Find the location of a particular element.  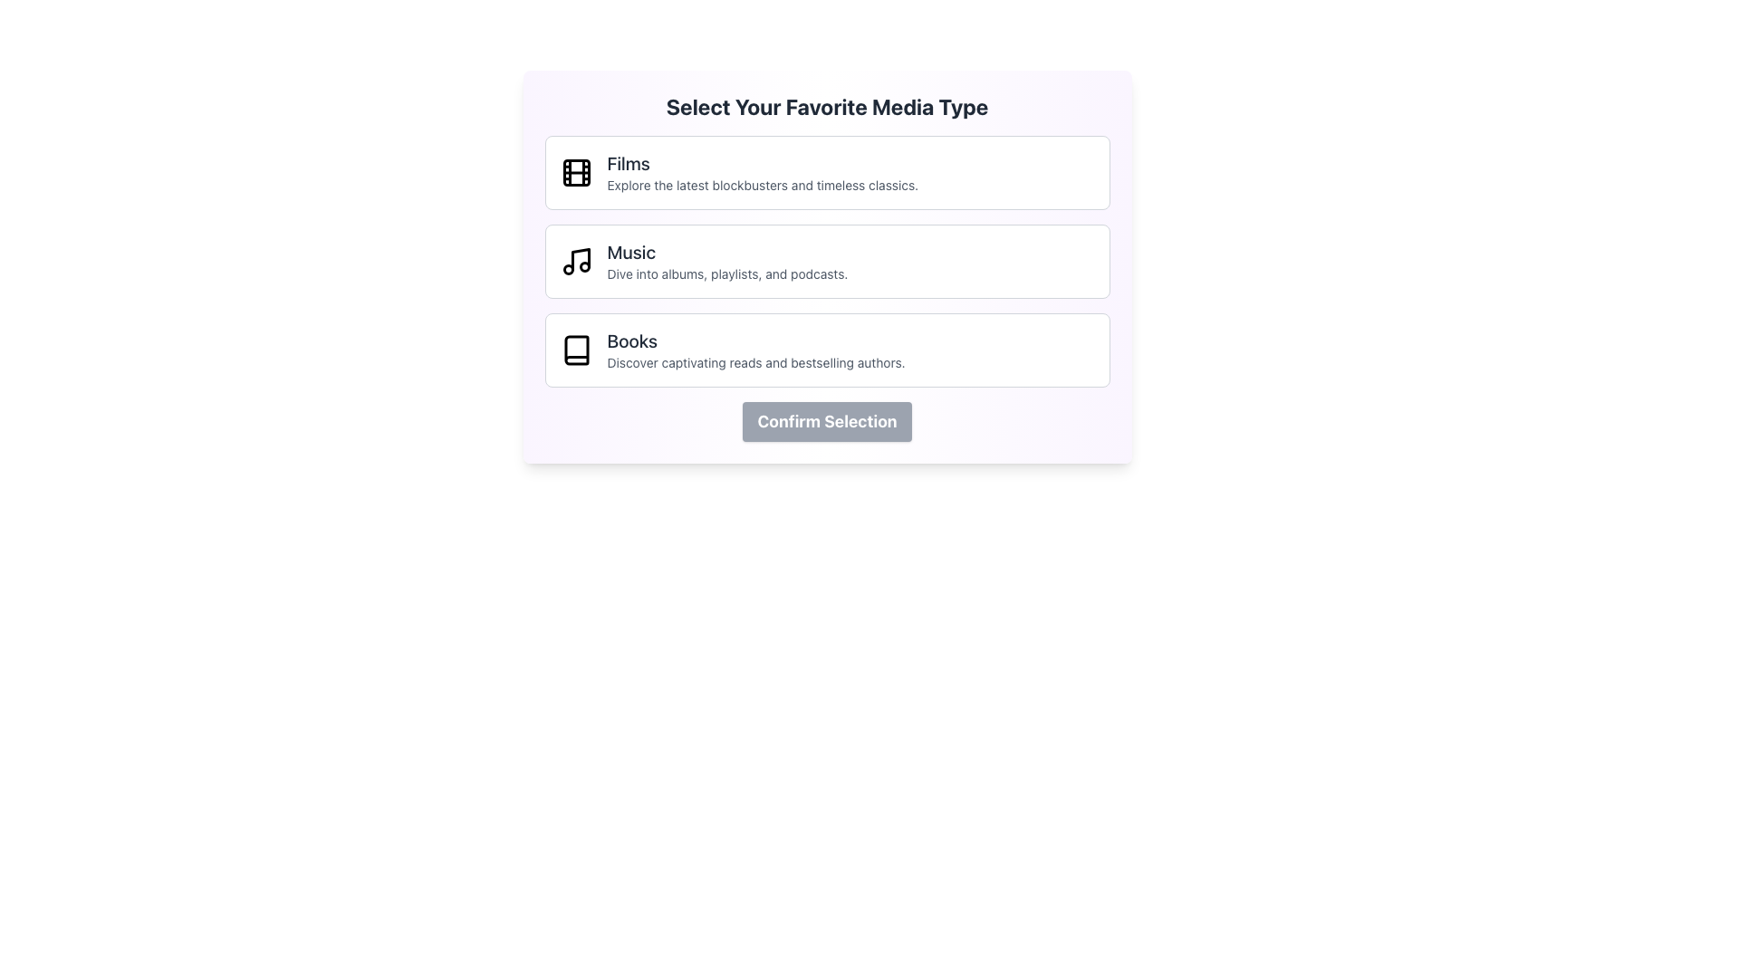

the musical note icon, which is a clean and simple design with black lines, located to the left of the 'Music' label in the middle row of the vertical list is located at coordinates (575, 262).